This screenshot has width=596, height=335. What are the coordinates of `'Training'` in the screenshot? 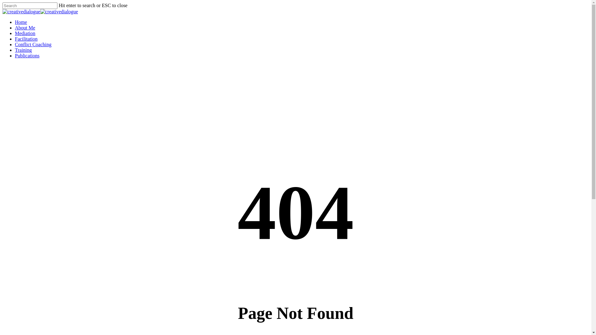 It's located at (23, 50).